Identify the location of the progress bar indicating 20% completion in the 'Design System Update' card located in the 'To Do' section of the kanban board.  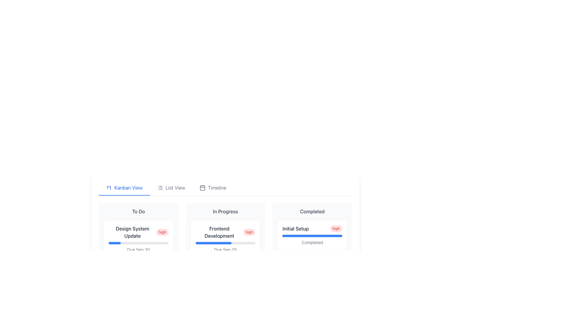
(138, 243).